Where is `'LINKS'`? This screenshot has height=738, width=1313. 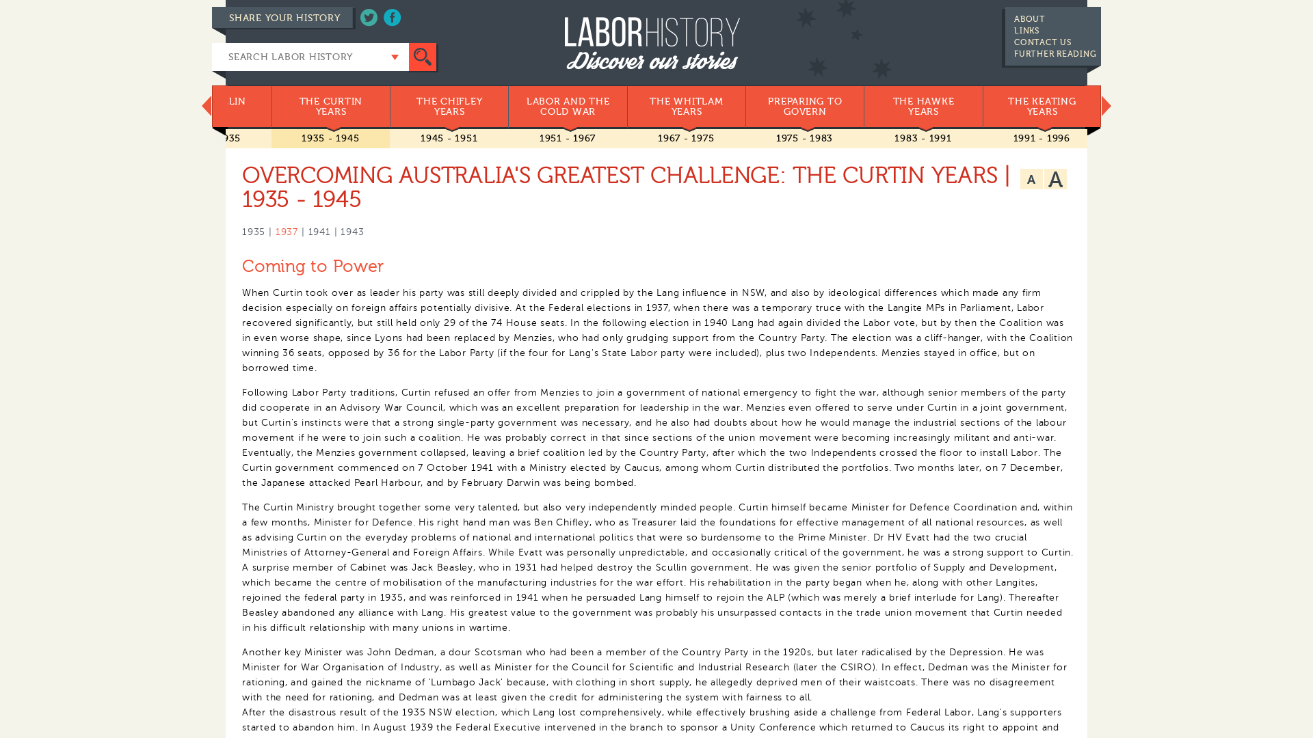
'LINKS' is located at coordinates (1026, 31).